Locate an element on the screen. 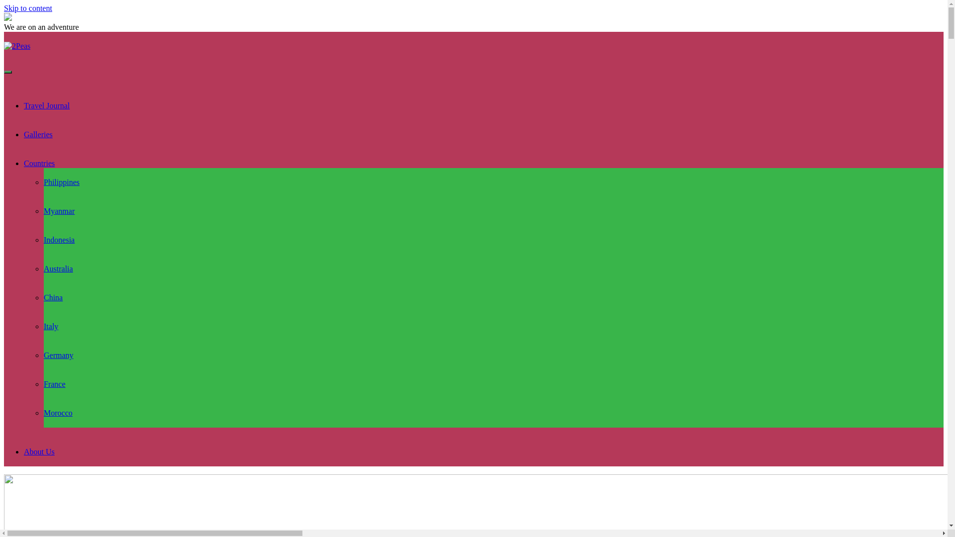 The image size is (955, 537). 'Australia' is located at coordinates (43, 268).